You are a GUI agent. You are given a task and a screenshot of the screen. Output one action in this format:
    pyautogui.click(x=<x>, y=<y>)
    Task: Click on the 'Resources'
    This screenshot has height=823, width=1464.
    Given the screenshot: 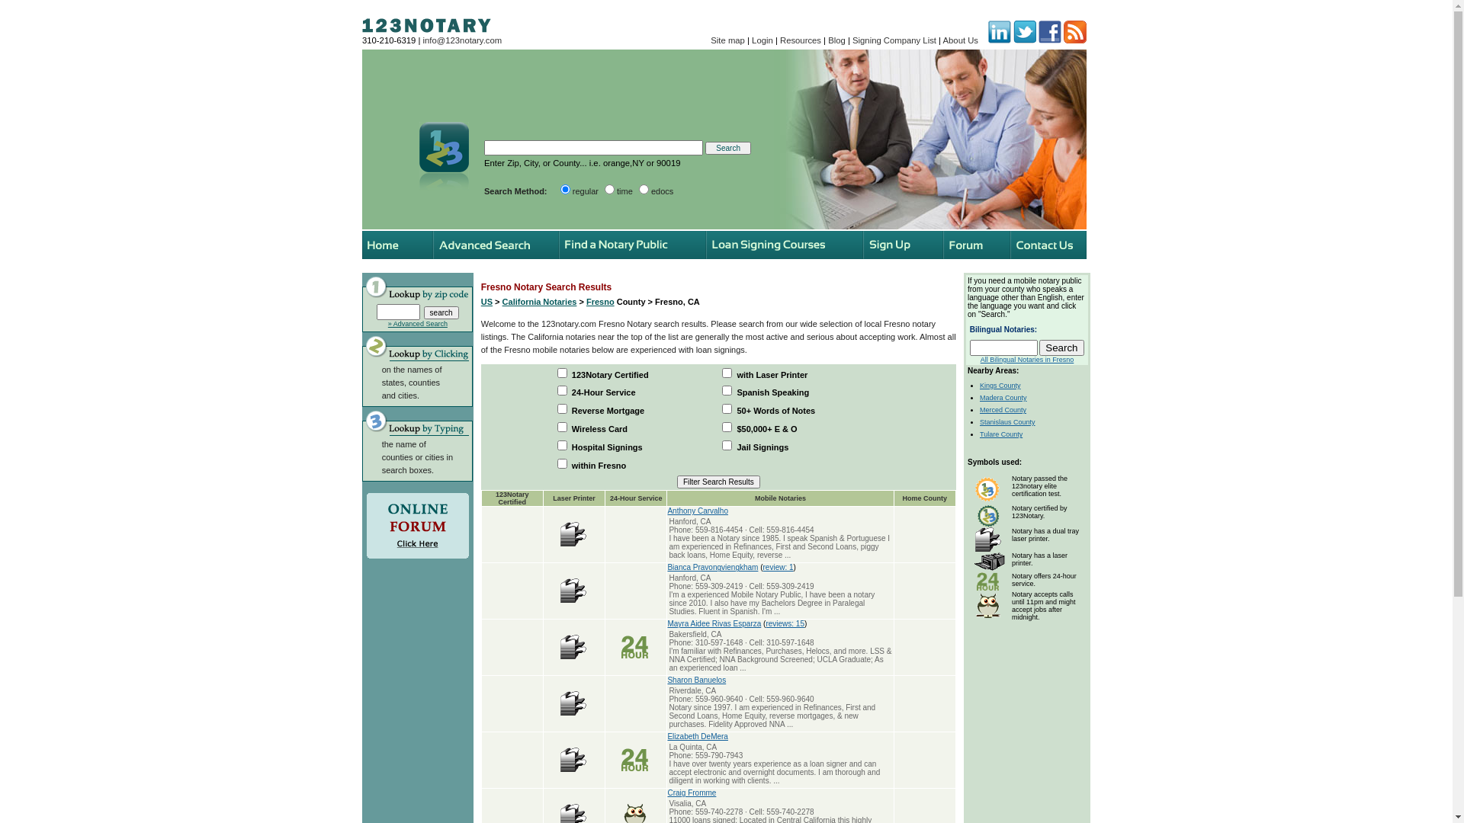 What is the action you would take?
    pyautogui.click(x=800, y=40)
    